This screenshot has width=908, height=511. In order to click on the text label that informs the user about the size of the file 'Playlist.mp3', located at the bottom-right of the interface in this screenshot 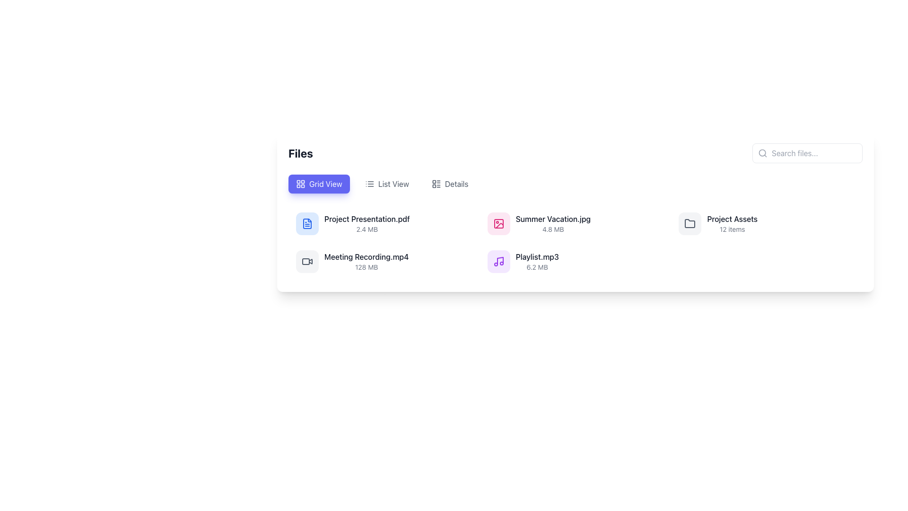, I will do `click(537, 267)`.